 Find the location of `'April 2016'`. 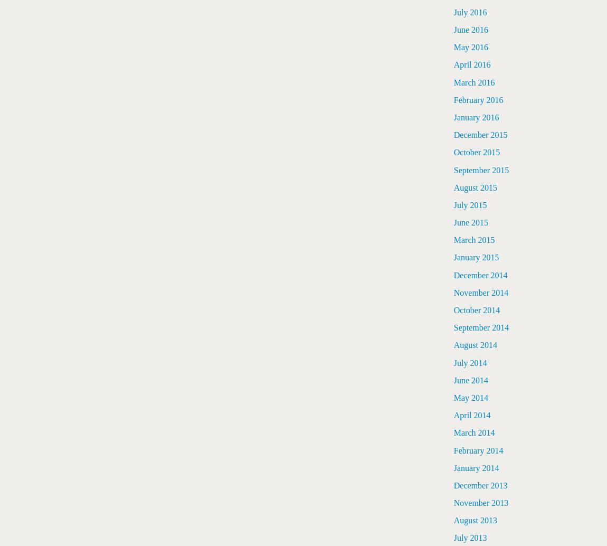

'April 2016' is located at coordinates (472, 64).